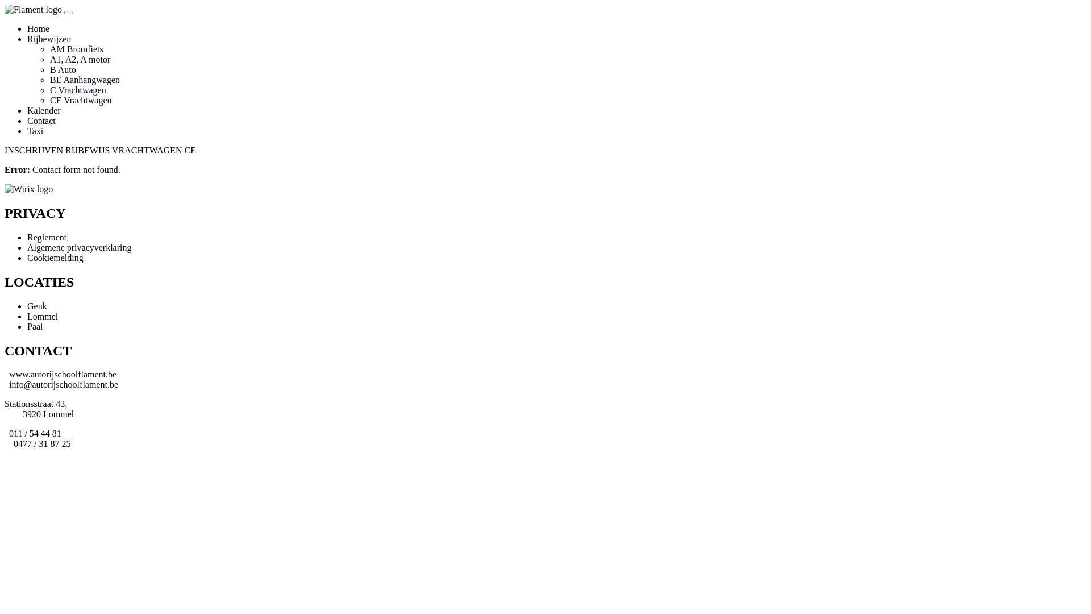 The height and width of the screenshot is (614, 1091). I want to click on 'BE Aanhangwagen', so click(84, 79).